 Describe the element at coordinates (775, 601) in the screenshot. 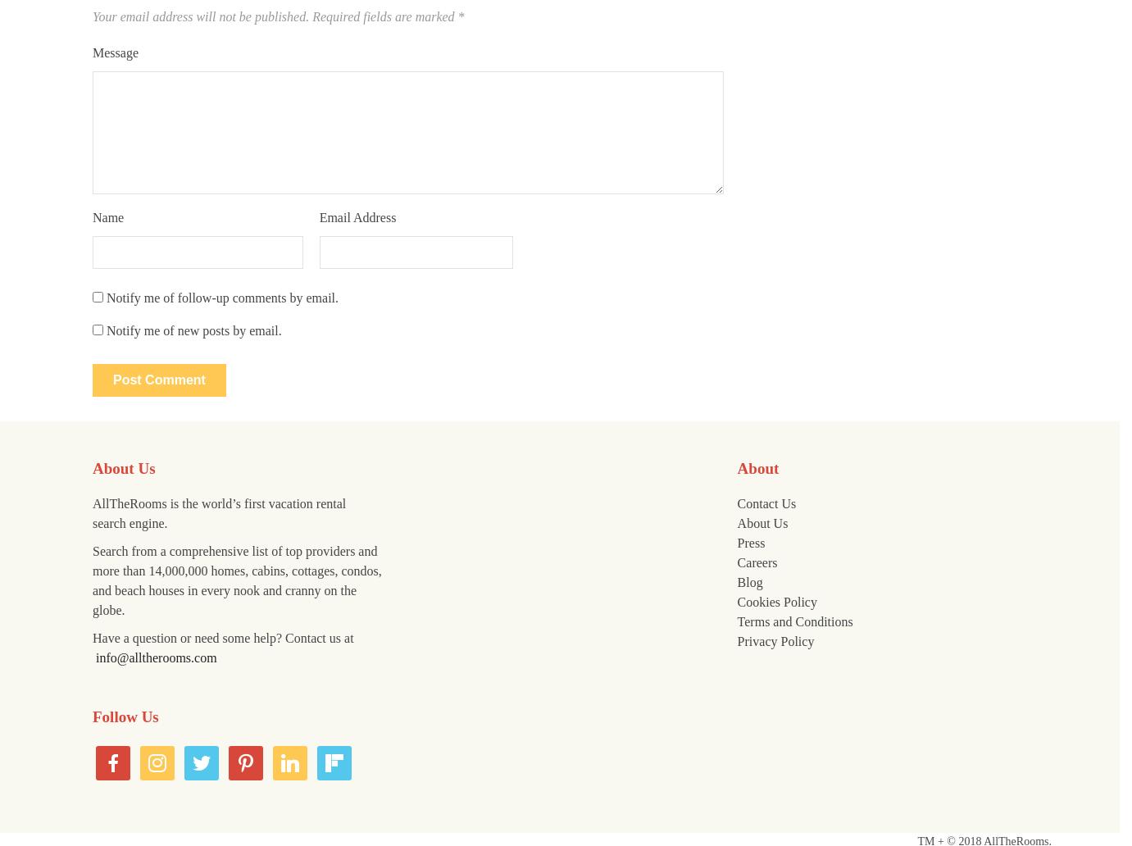

I see `'Cookies Policy'` at that location.